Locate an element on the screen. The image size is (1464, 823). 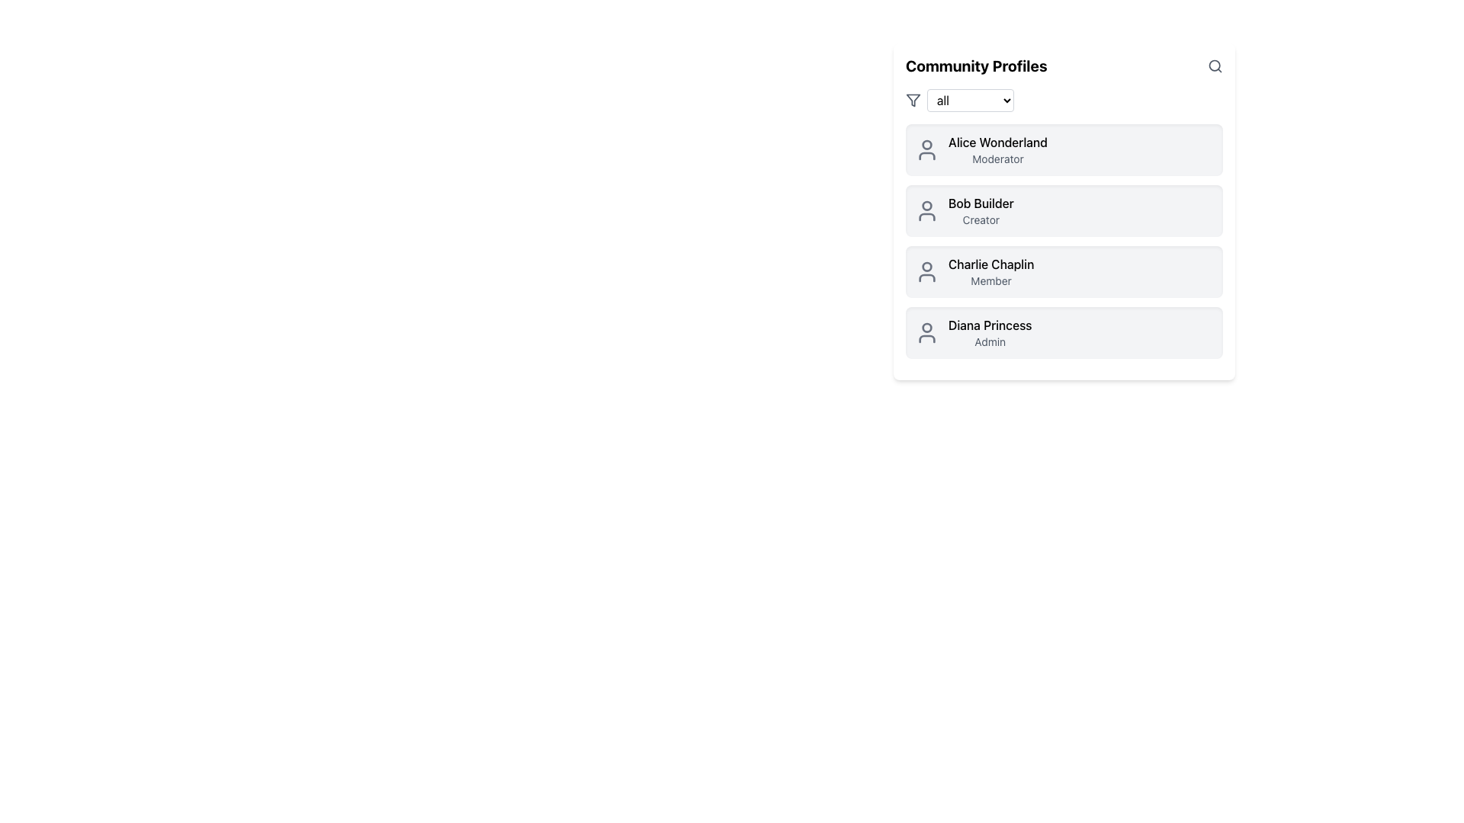
the lower portion of the user icon SVG, which represents the body silhouette of the profile icon adjacent to the list item with the text 'Charlie Chaplin' is located at coordinates (926, 278).